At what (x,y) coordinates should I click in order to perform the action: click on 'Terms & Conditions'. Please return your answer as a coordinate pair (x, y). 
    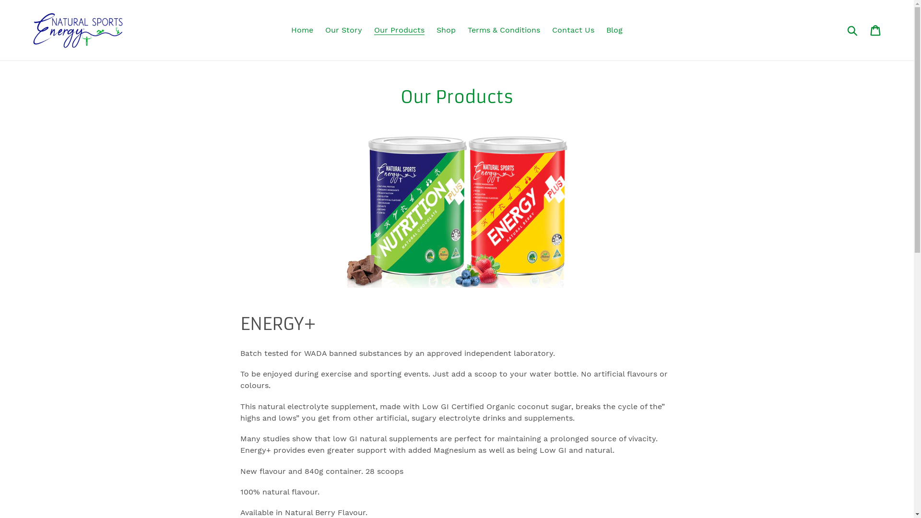
    Looking at the image, I should click on (503, 29).